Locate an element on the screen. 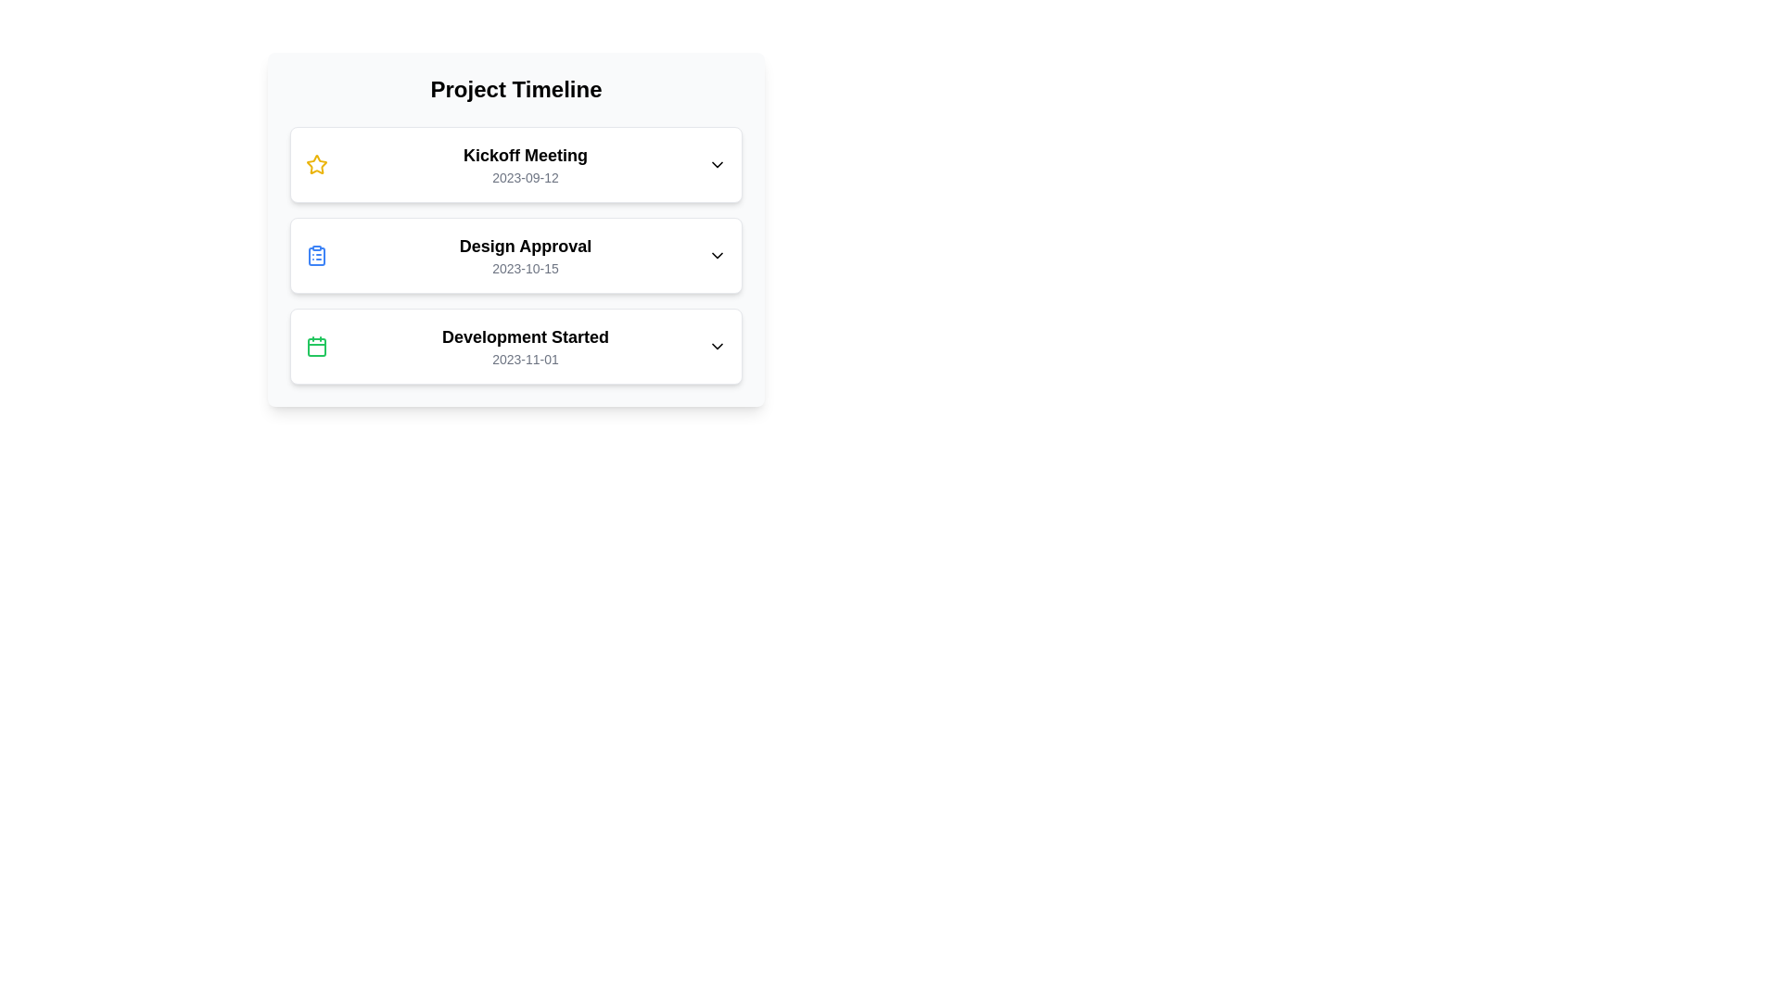 The image size is (1780, 1001). the graphical part of the calendar icon located towards the bottom left in the third row of elements, next to 'Development Started' is located at coordinates (316, 347).